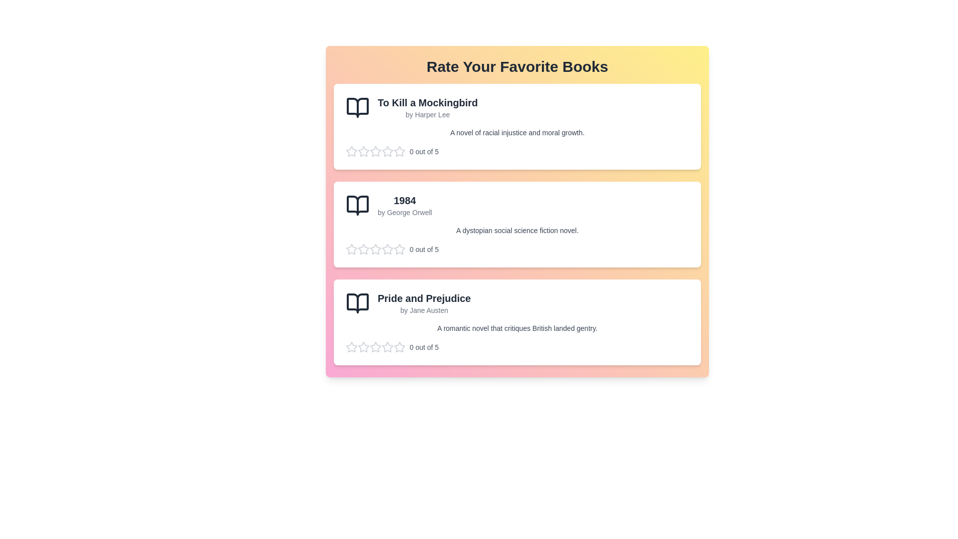 The height and width of the screenshot is (539, 958). Describe the element at coordinates (363, 249) in the screenshot. I see `the second star icon in the rating section of the '1984' book card` at that location.